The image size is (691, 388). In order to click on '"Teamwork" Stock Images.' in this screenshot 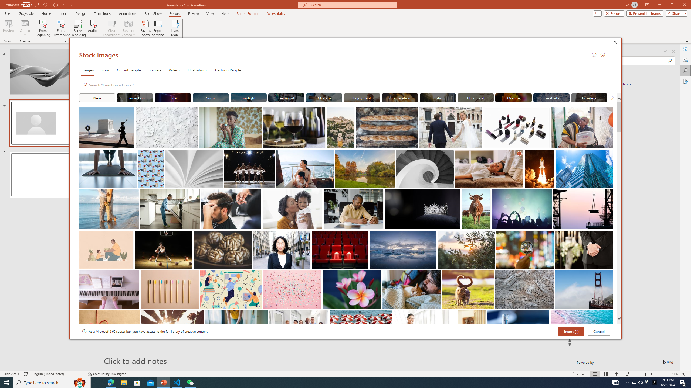, I will do `click(286, 97)`.